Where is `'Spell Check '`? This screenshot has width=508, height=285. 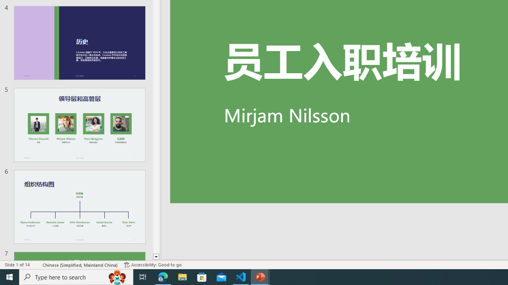
'Spell Check ' is located at coordinates (36, 265).